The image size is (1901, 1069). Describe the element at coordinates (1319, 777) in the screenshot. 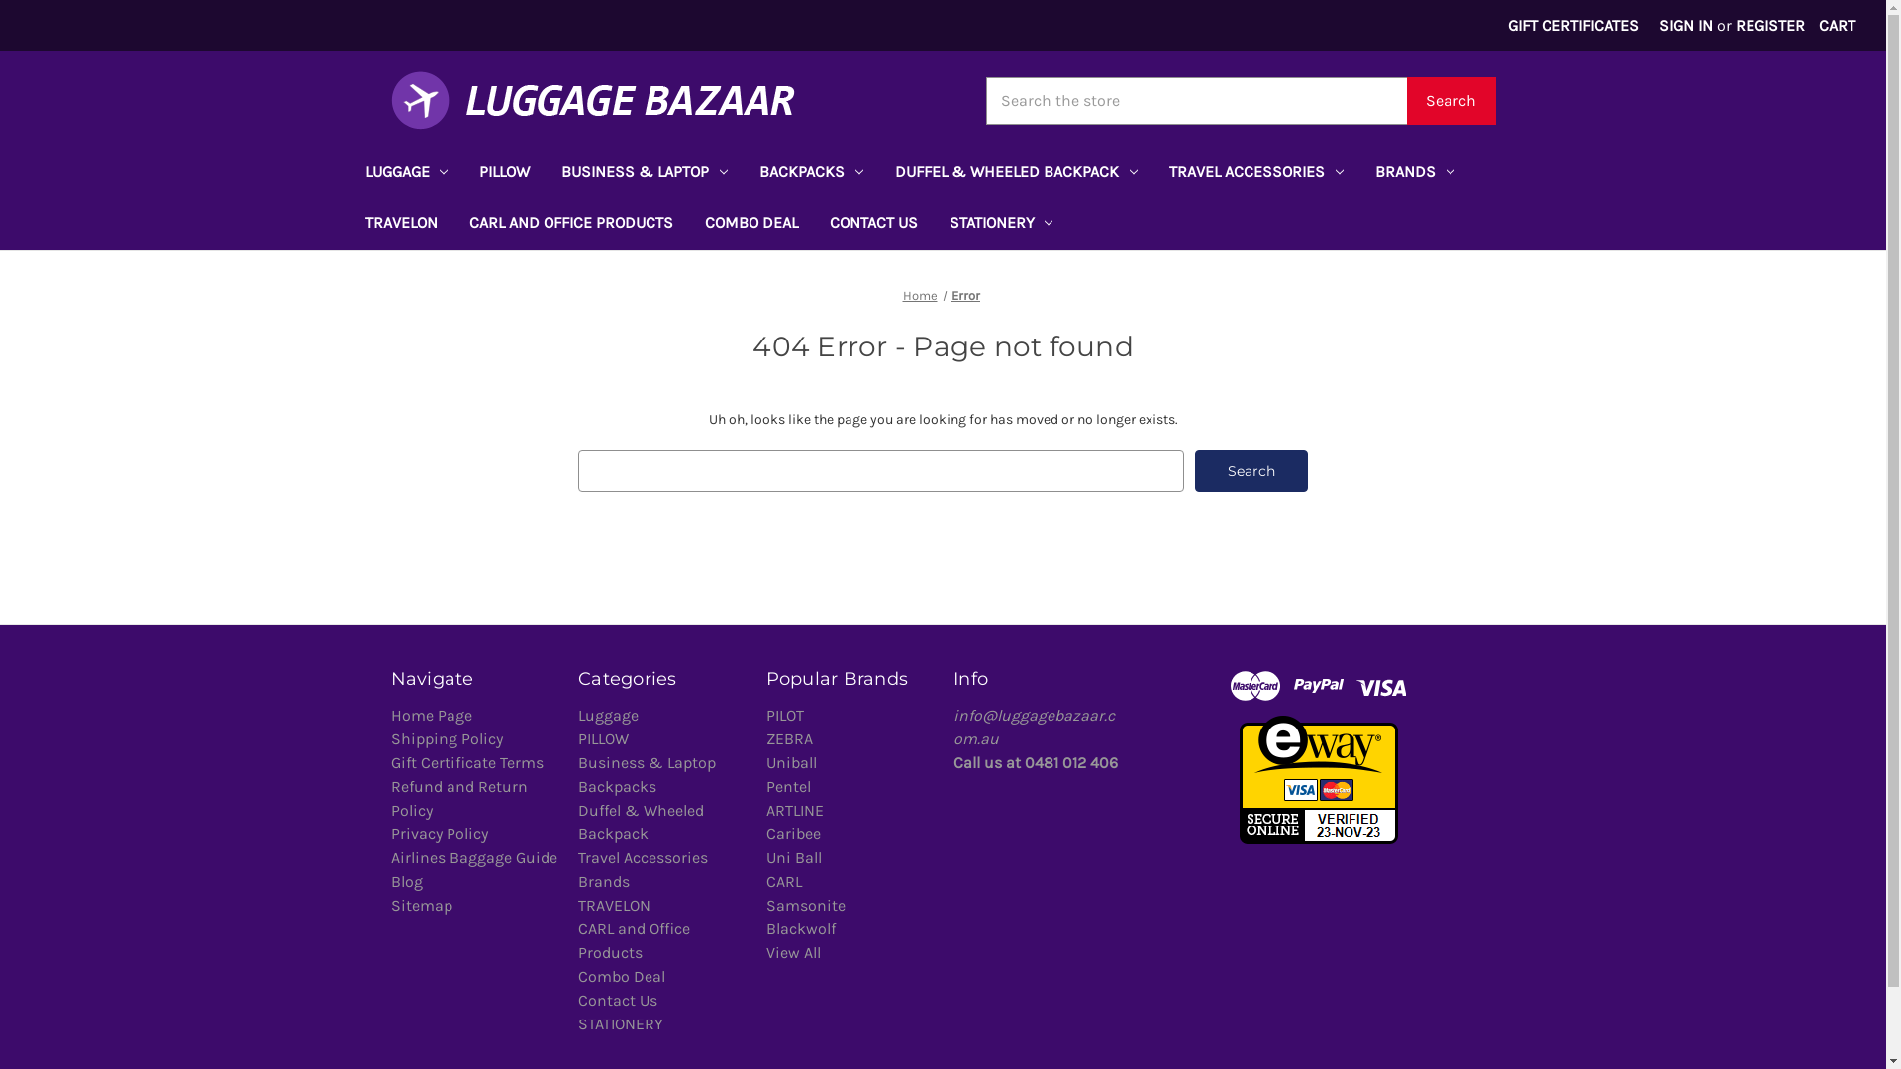

I see `'eWAY Payment Gateway'` at that location.